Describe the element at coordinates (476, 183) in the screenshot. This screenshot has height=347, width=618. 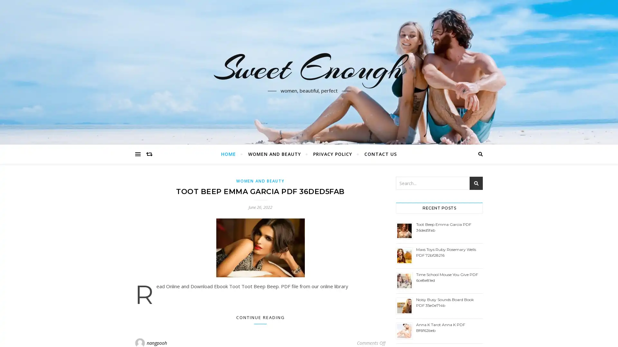
I see `st` at that location.